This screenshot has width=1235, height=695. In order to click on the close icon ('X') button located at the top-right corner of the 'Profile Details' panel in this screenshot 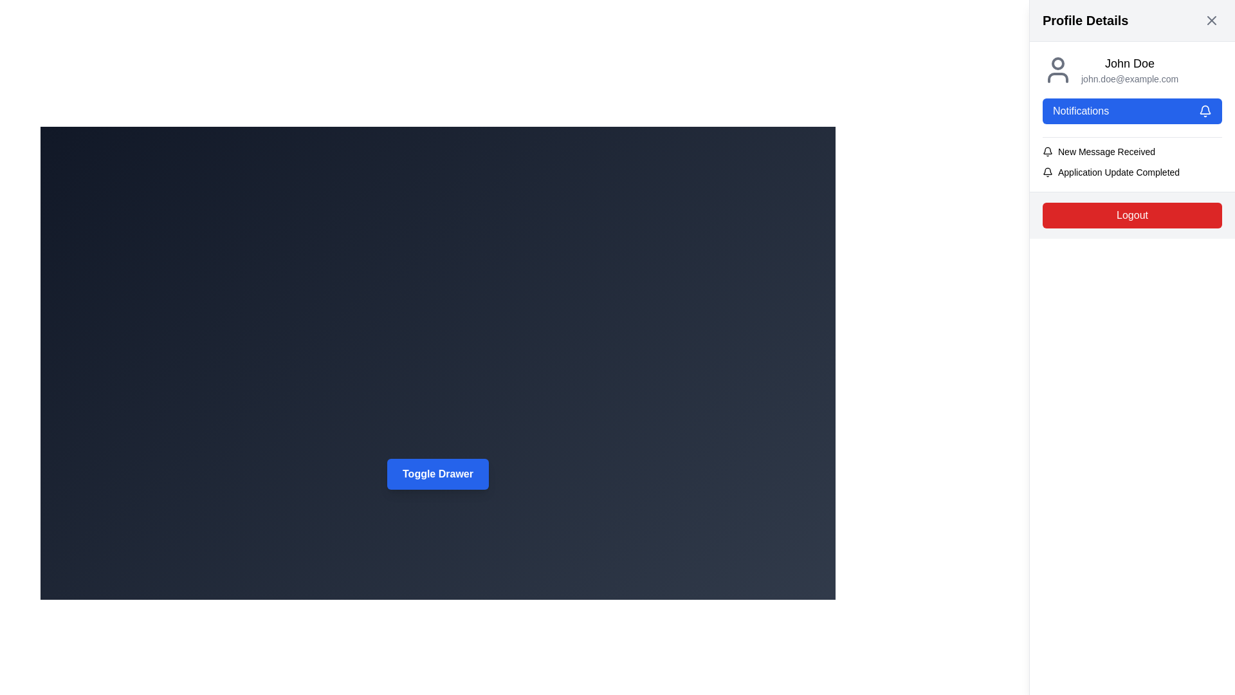, I will do `click(1211, 20)`.